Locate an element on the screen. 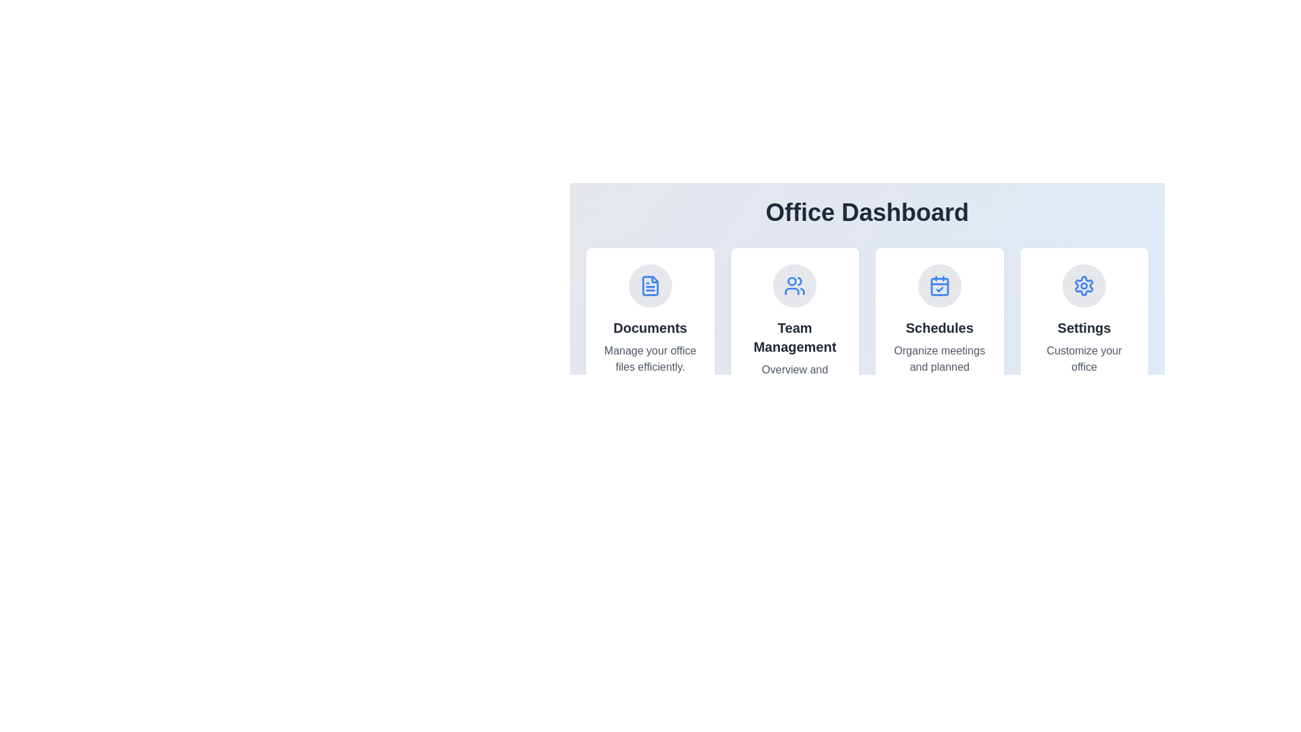 This screenshot has height=732, width=1301. the fourth card in the grid layout is located at coordinates (1083, 336).